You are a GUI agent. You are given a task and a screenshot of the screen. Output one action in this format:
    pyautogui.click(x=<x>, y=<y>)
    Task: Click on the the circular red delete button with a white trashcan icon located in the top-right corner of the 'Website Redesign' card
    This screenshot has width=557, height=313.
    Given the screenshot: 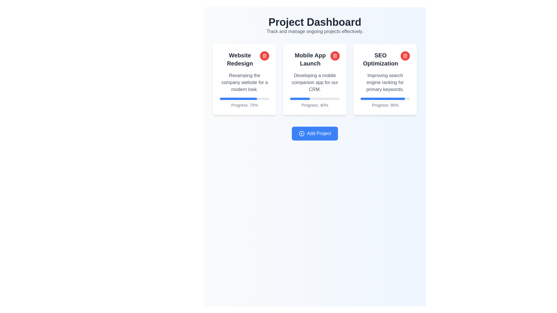 What is the action you would take?
    pyautogui.click(x=264, y=56)
    